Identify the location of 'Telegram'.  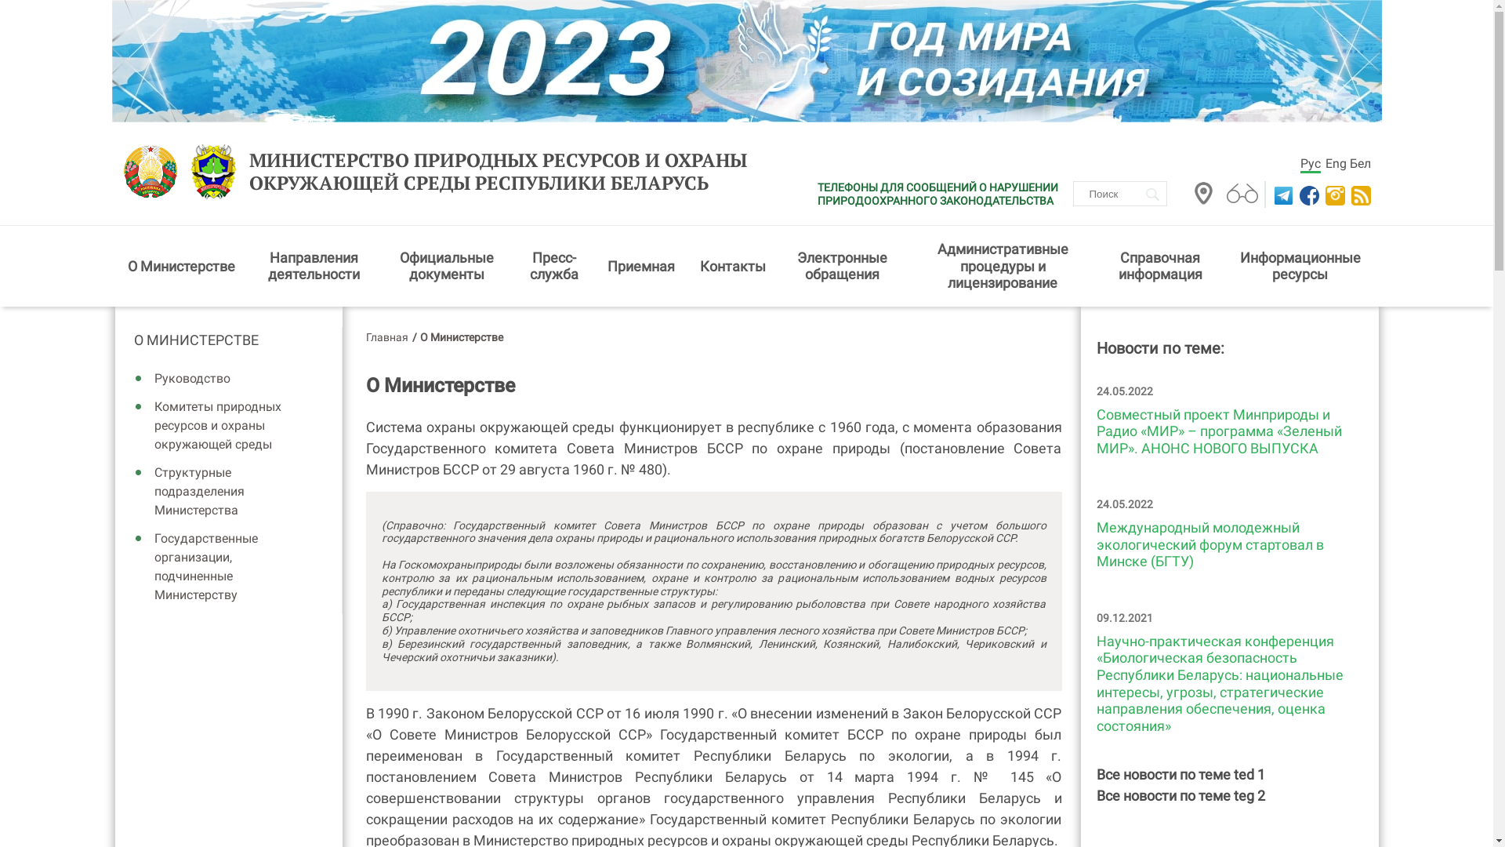
(1272, 194).